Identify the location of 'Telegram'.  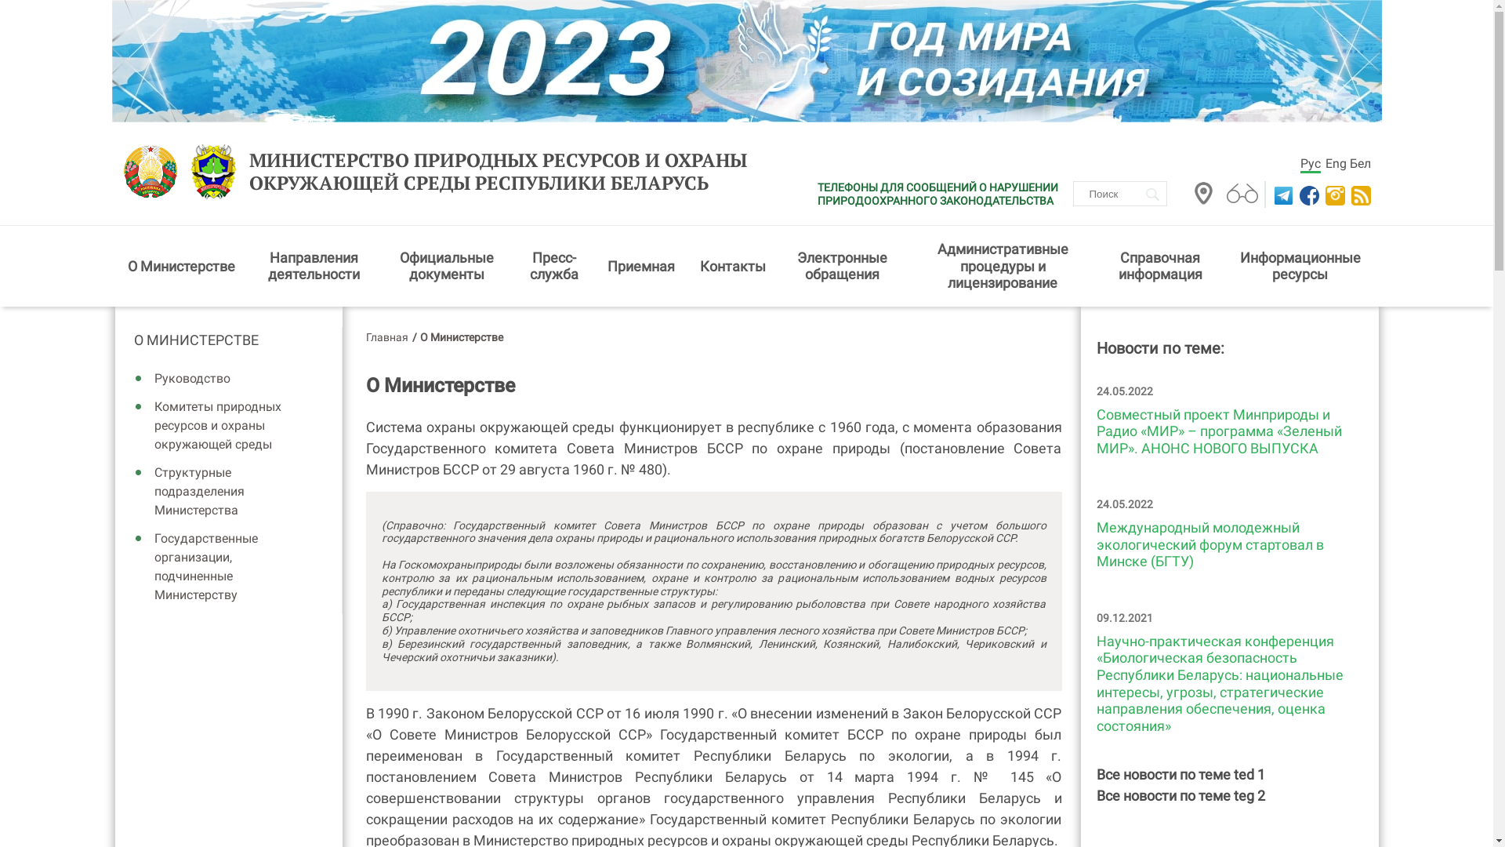
(1272, 194).